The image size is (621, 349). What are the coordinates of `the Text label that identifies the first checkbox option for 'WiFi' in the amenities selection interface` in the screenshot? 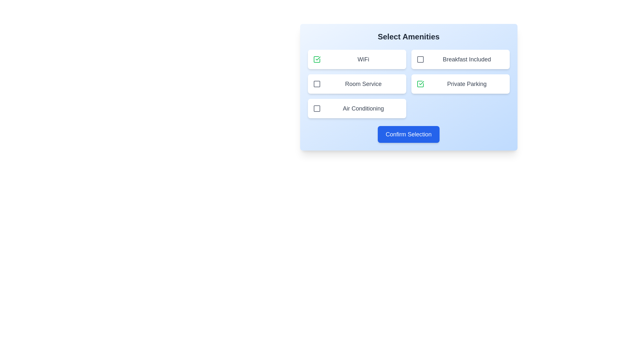 It's located at (363, 59).